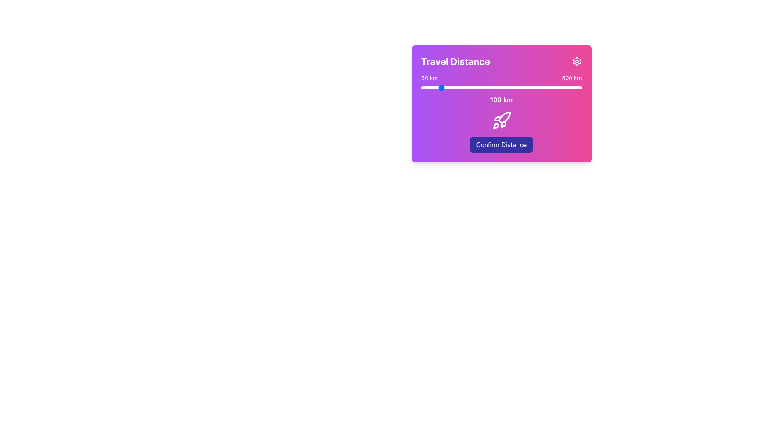 This screenshot has height=433, width=770. I want to click on the travel distance, so click(490, 88).